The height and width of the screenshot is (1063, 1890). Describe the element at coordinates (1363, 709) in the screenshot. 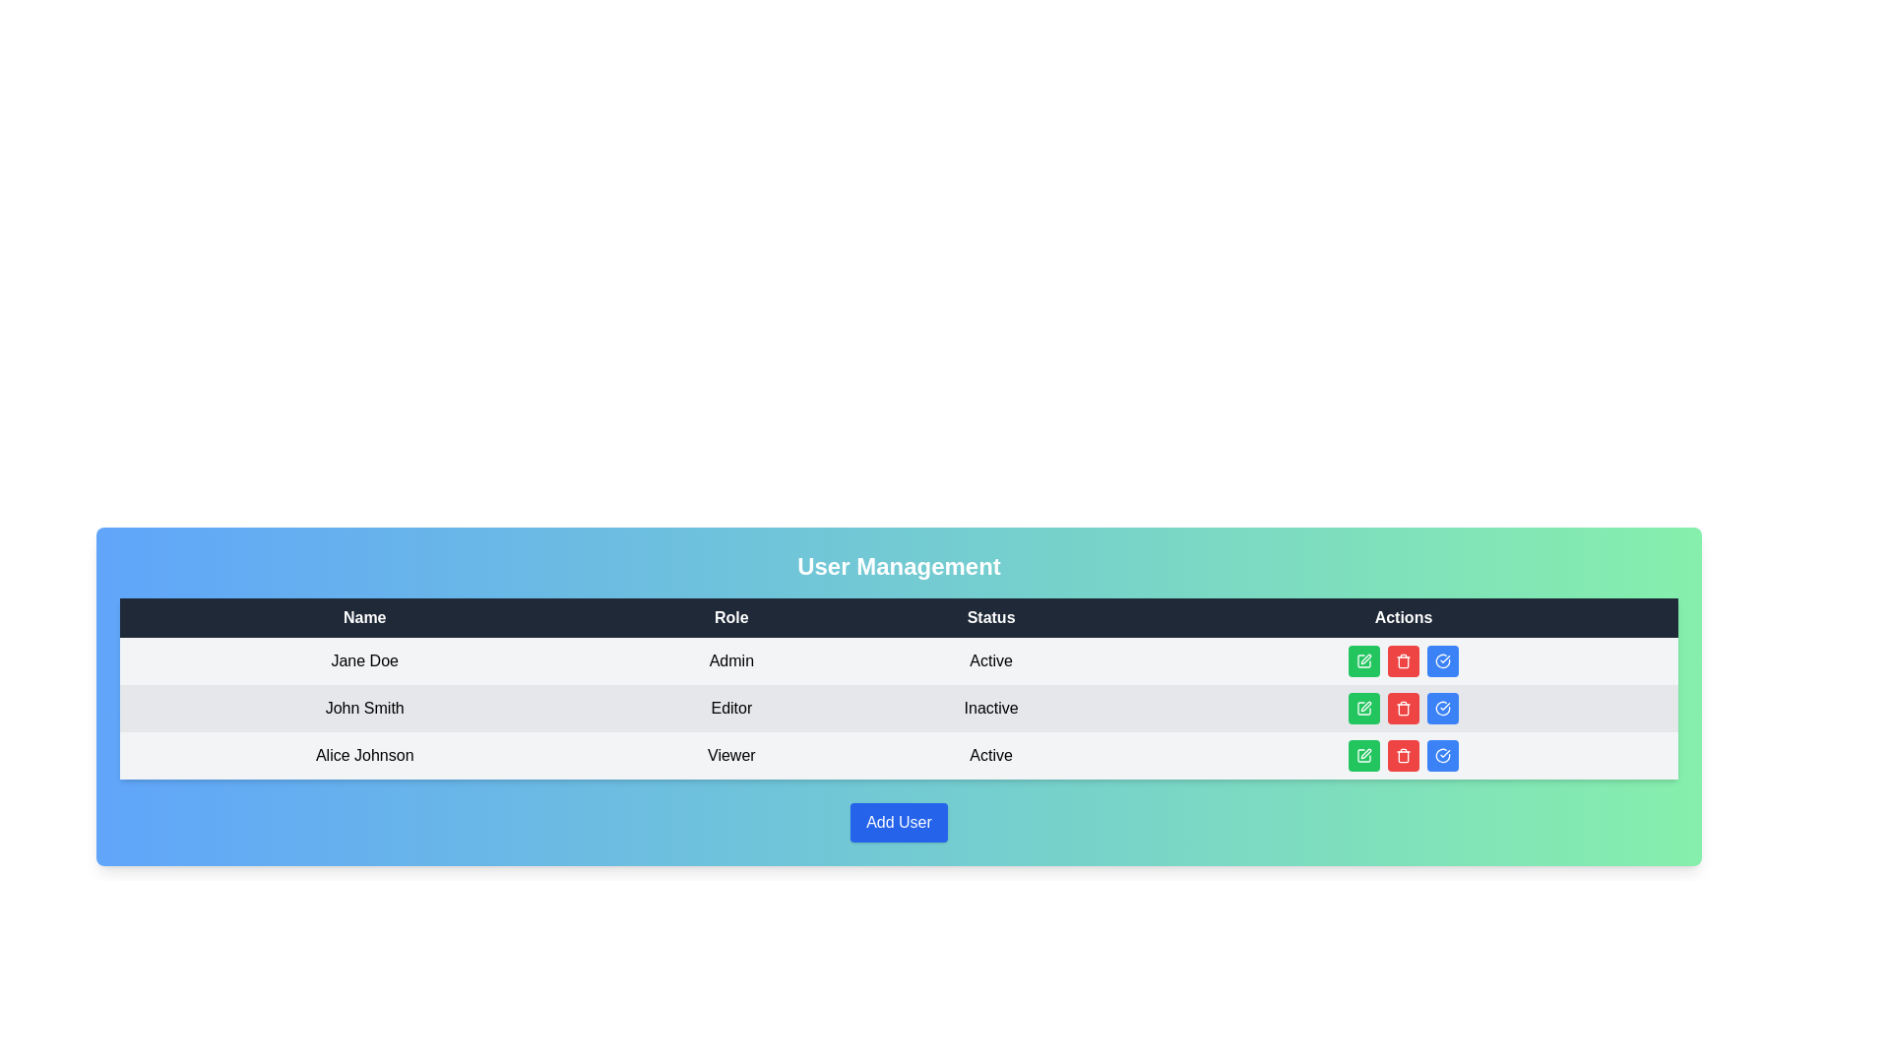

I see `the first button in the 'Actions' column of the second row, which has a green background and a white pen icon` at that location.